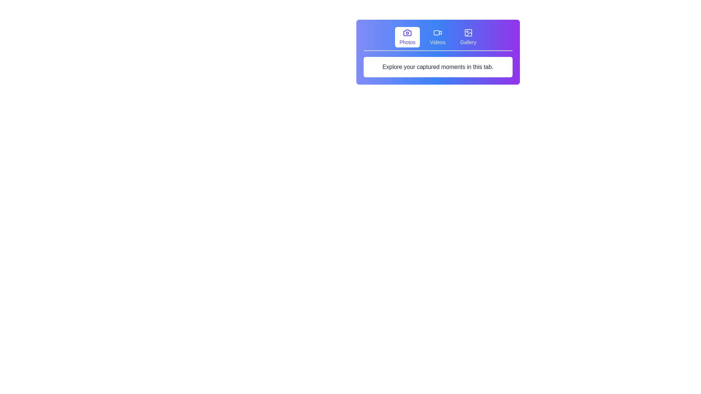  I want to click on the 'Gallery' button, which features an icon for images and the label 'Gallery' in a medium font size, so click(468, 37).